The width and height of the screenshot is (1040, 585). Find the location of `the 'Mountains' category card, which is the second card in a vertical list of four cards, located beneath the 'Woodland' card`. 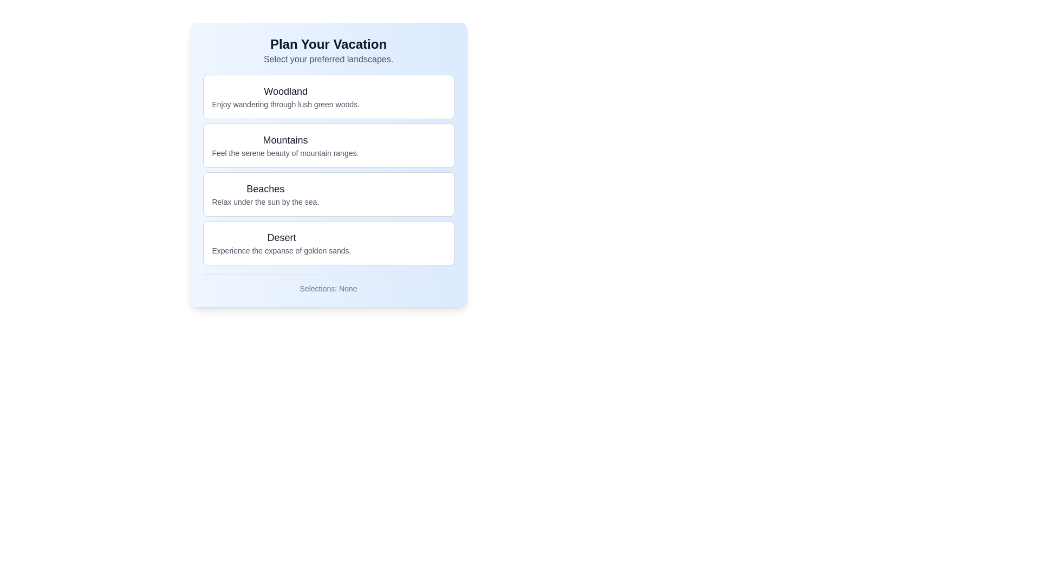

the 'Mountains' category card, which is the second card in a vertical list of four cards, located beneath the 'Woodland' card is located at coordinates (328, 145).